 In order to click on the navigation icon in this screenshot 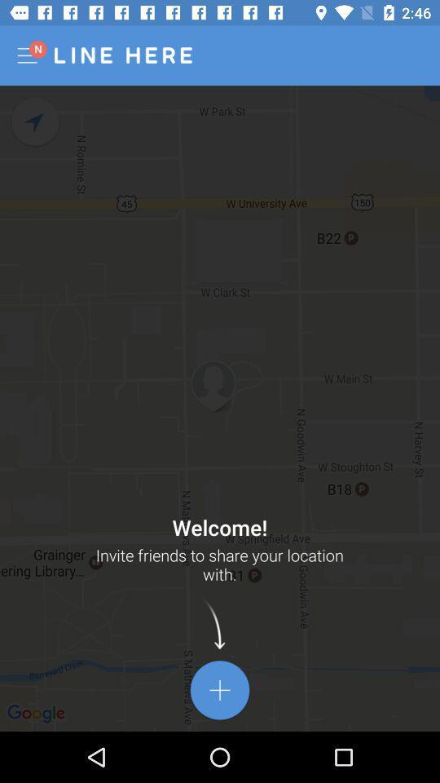, I will do `click(36, 121)`.